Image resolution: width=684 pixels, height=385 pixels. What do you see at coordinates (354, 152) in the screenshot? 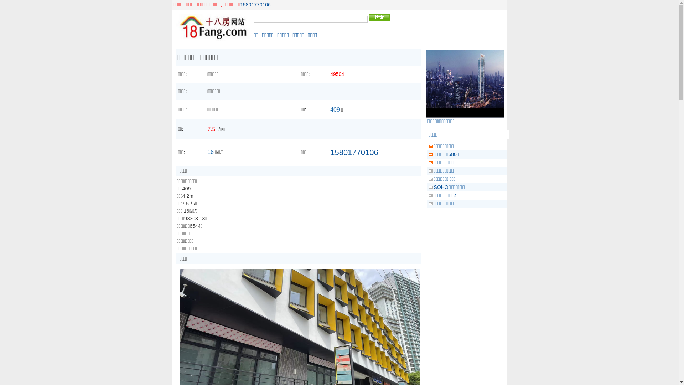
I see `'15801770106'` at bounding box center [354, 152].